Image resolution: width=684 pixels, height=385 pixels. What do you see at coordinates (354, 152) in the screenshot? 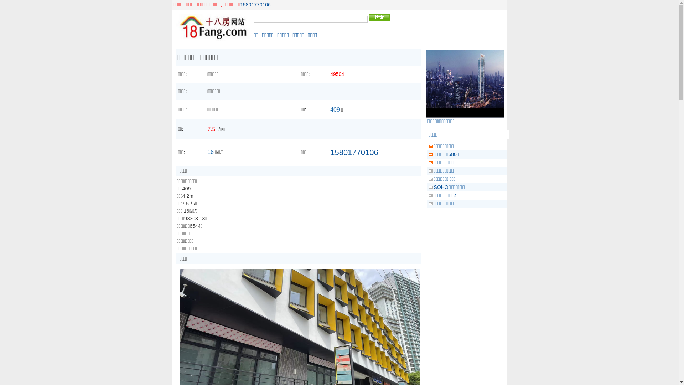
I see `'15801770106'` at bounding box center [354, 152].